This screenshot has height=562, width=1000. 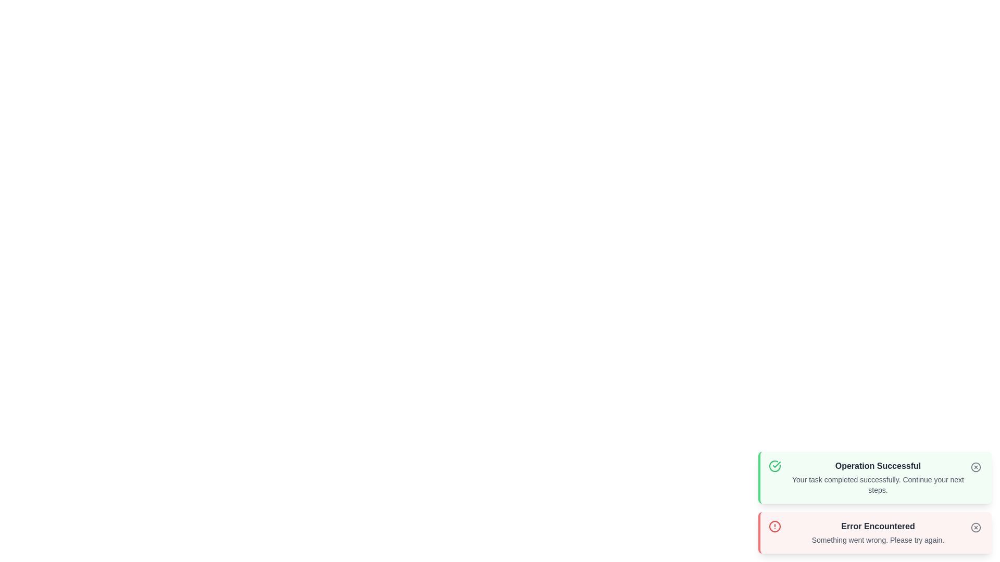 What do you see at coordinates (877, 465) in the screenshot?
I see `the main title text label of the notification that summarizes the successful completion of an operation` at bounding box center [877, 465].